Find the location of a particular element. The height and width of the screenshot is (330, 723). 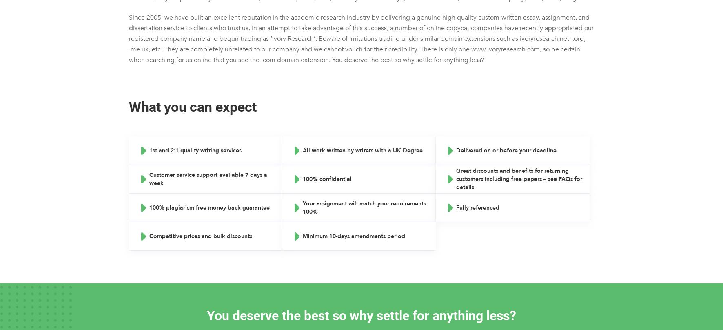

'The company is operated by Corevalues LTD, located at apt.129, entr., bld.57, j.k. “Lev Tolstoy”, district Nadezhda, Stolichna municipality, Sofia, 1220, Bulgaria.' is located at coordinates (358, 5).